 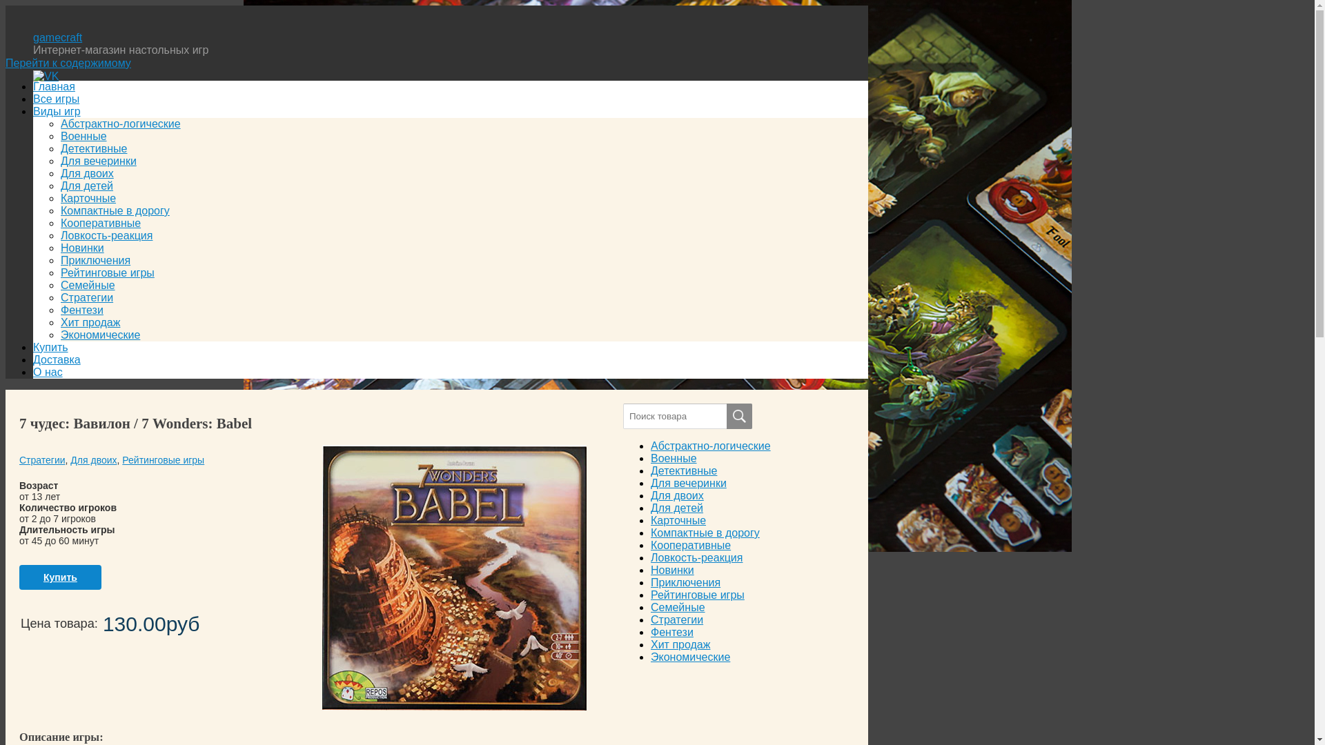 What do you see at coordinates (46, 76) in the screenshot?
I see `'VK'` at bounding box center [46, 76].